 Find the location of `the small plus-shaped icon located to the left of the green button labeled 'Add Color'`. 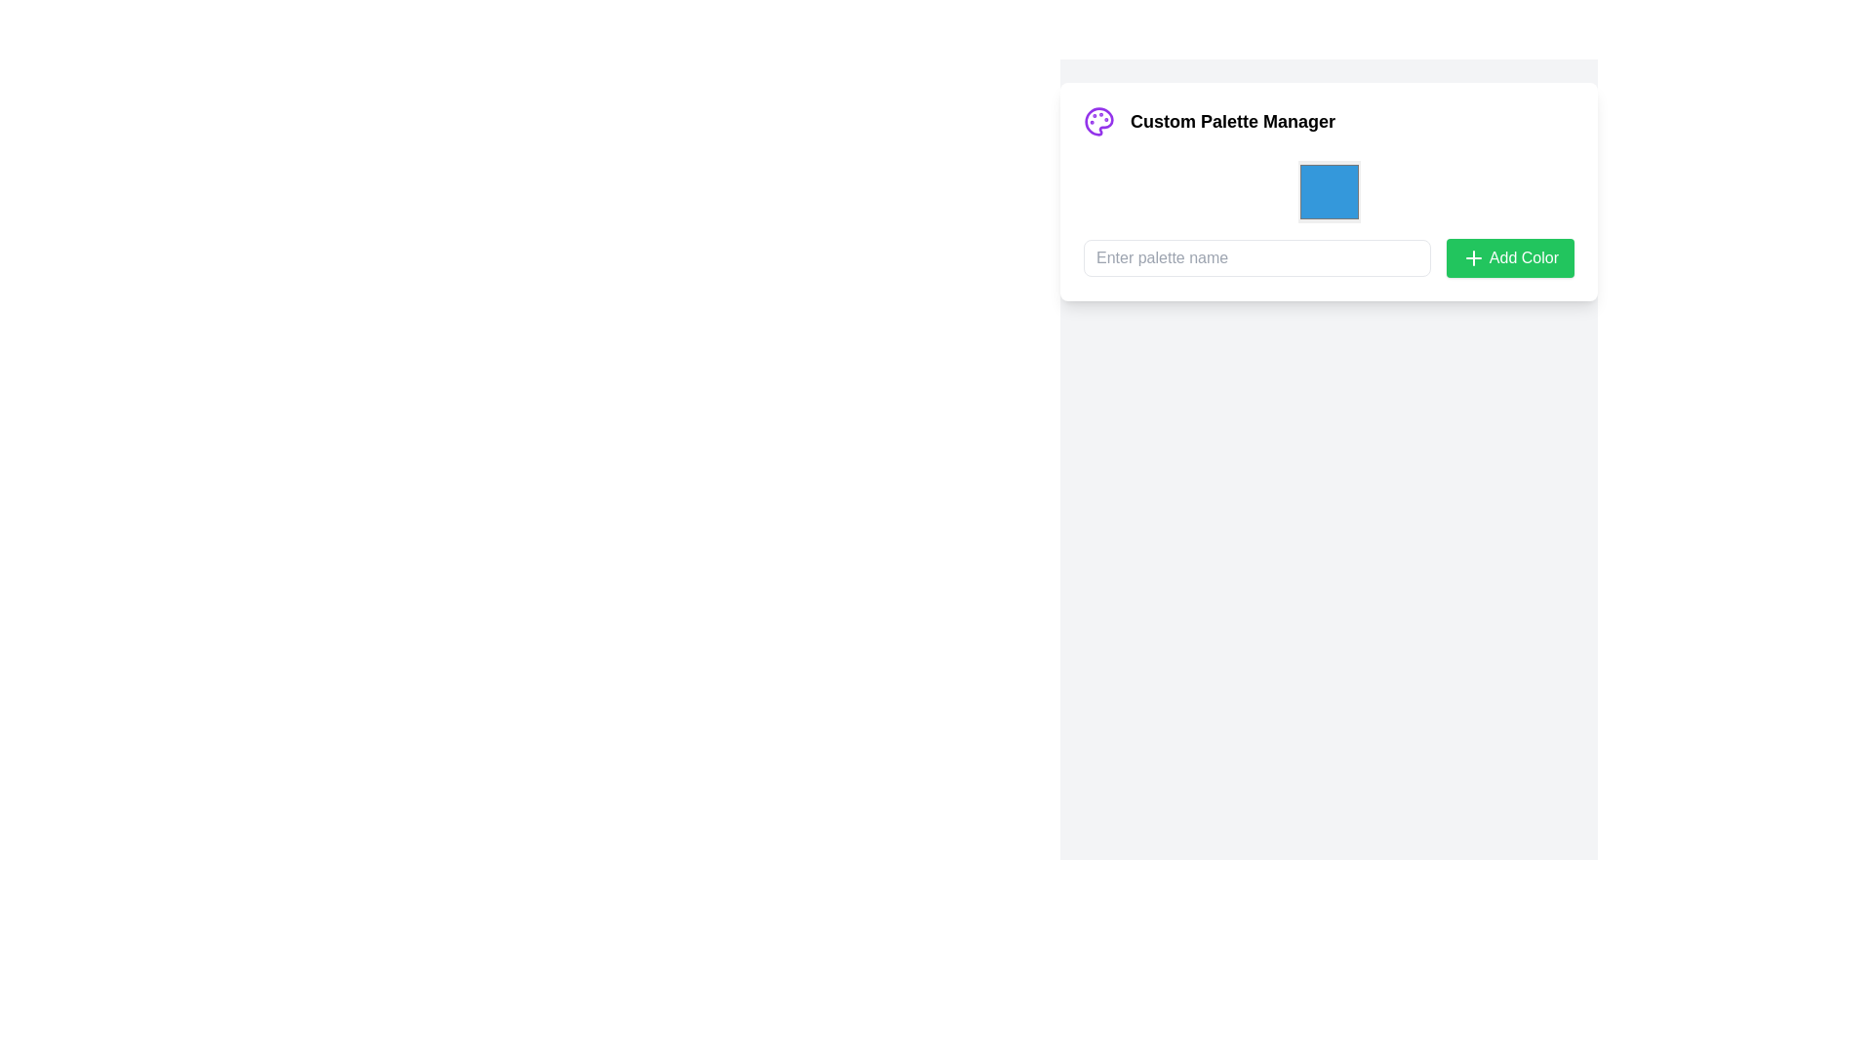

the small plus-shaped icon located to the left of the green button labeled 'Add Color' is located at coordinates (1473, 257).